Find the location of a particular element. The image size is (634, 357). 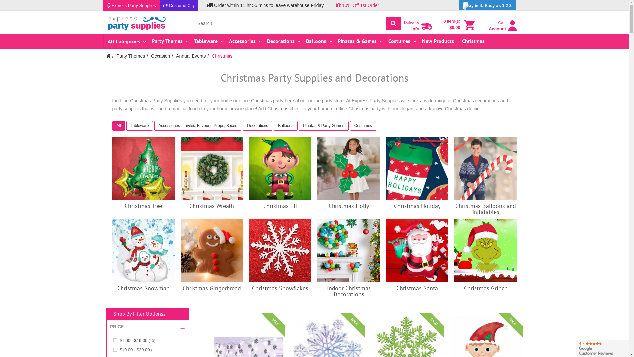

'Pinatas & Party Games' is located at coordinates (299, 126).